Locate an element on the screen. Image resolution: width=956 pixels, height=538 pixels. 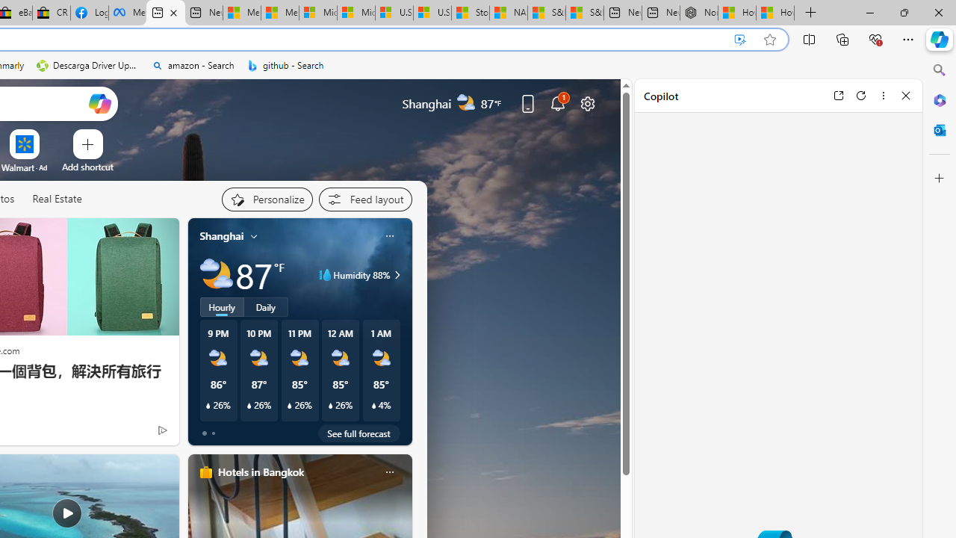
'Page settings' is located at coordinates (586, 102).